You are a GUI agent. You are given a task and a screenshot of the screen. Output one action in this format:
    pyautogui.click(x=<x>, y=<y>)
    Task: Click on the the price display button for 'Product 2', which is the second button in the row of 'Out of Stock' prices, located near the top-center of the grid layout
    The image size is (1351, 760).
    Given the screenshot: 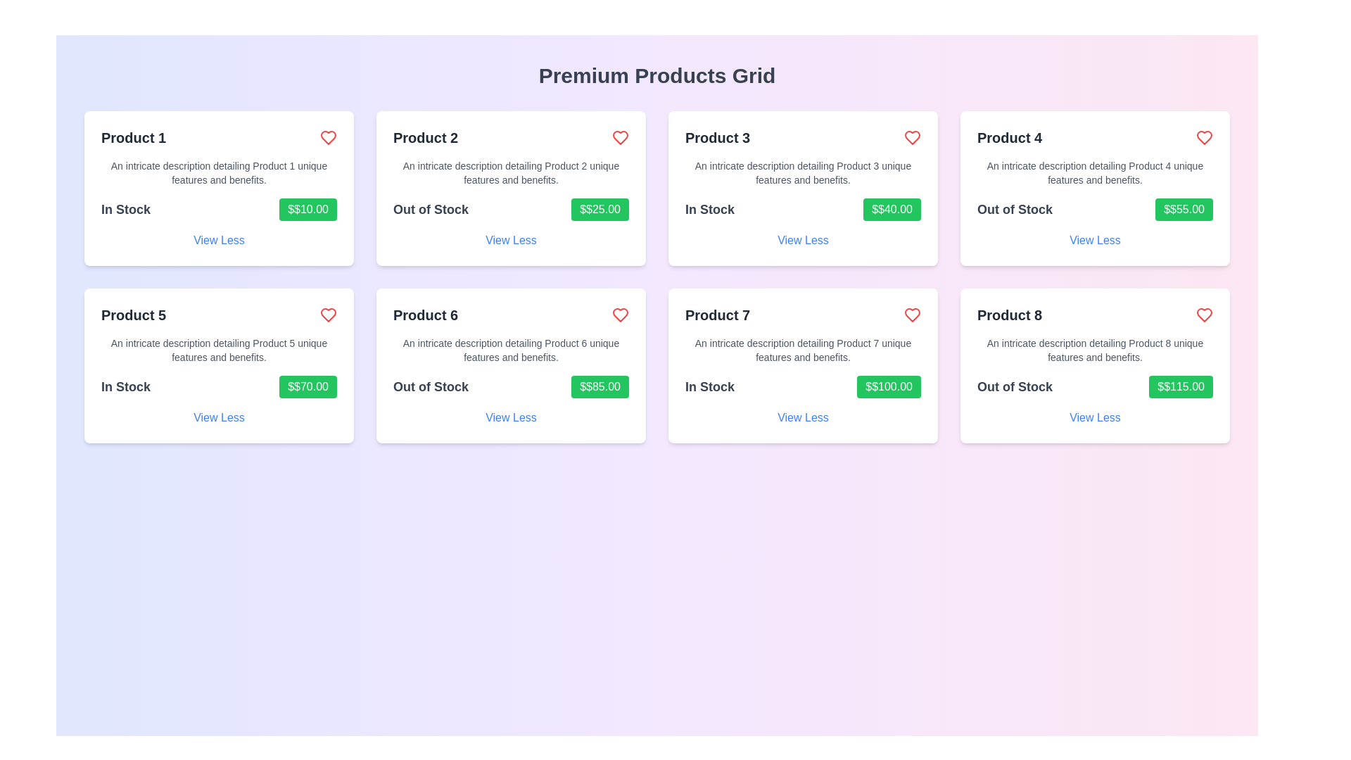 What is the action you would take?
    pyautogui.click(x=600, y=209)
    